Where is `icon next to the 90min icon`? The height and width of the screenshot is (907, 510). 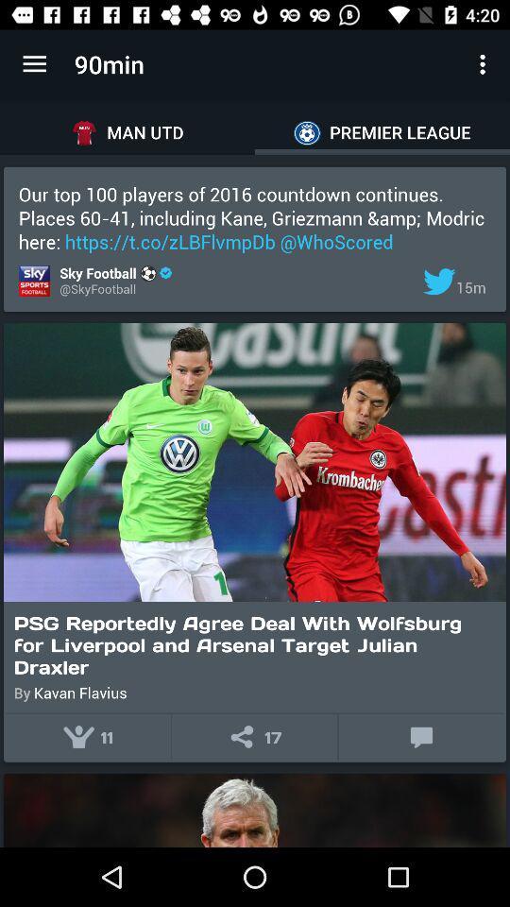 icon next to the 90min icon is located at coordinates (34, 64).